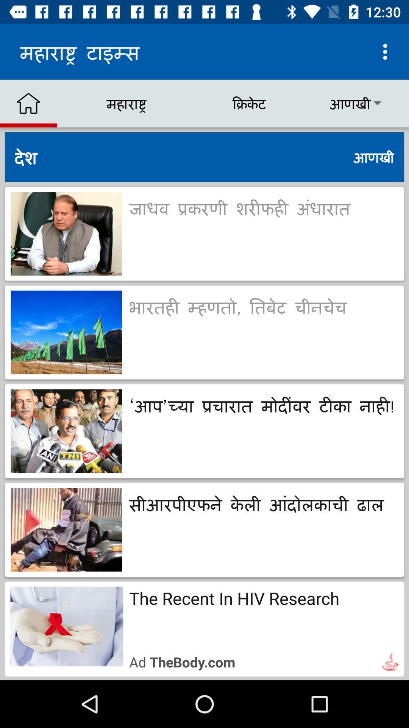  I want to click on the home icon at top of the page, so click(28, 103).